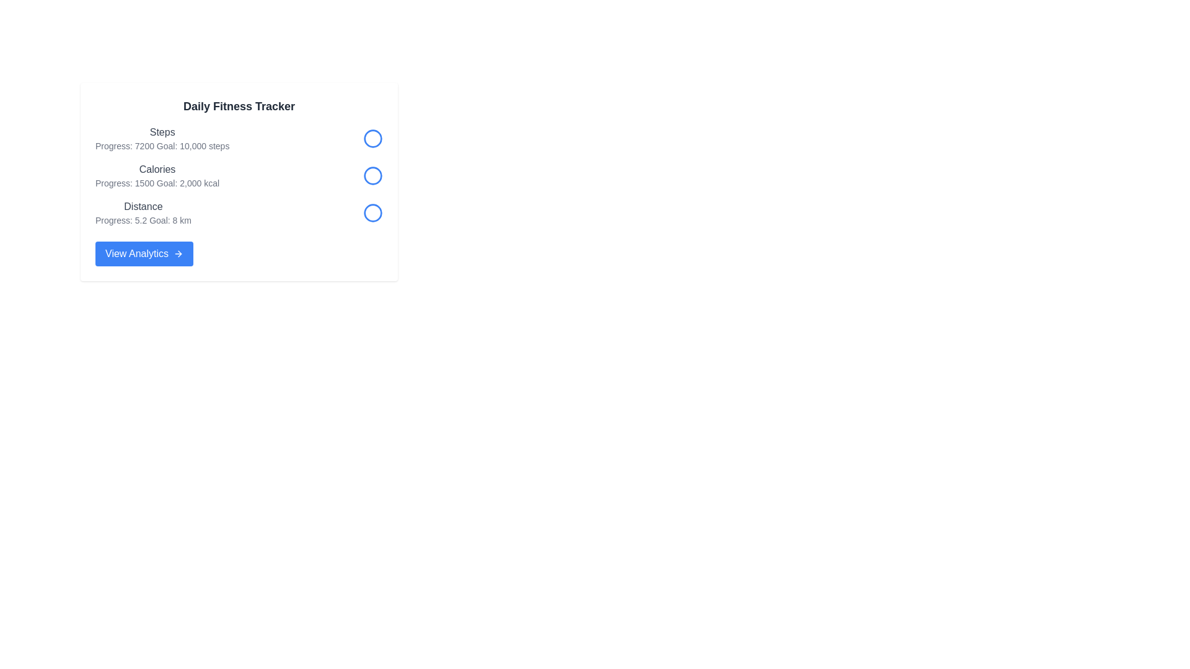  Describe the element at coordinates (372, 212) in the screenshot. I see `the circular icon with a blue outline located to the right of the text 'Distance: Progress: 5.2 Goal: 8 km' in the 'Daily Fitness Tracker' section to interact with it` at that location.